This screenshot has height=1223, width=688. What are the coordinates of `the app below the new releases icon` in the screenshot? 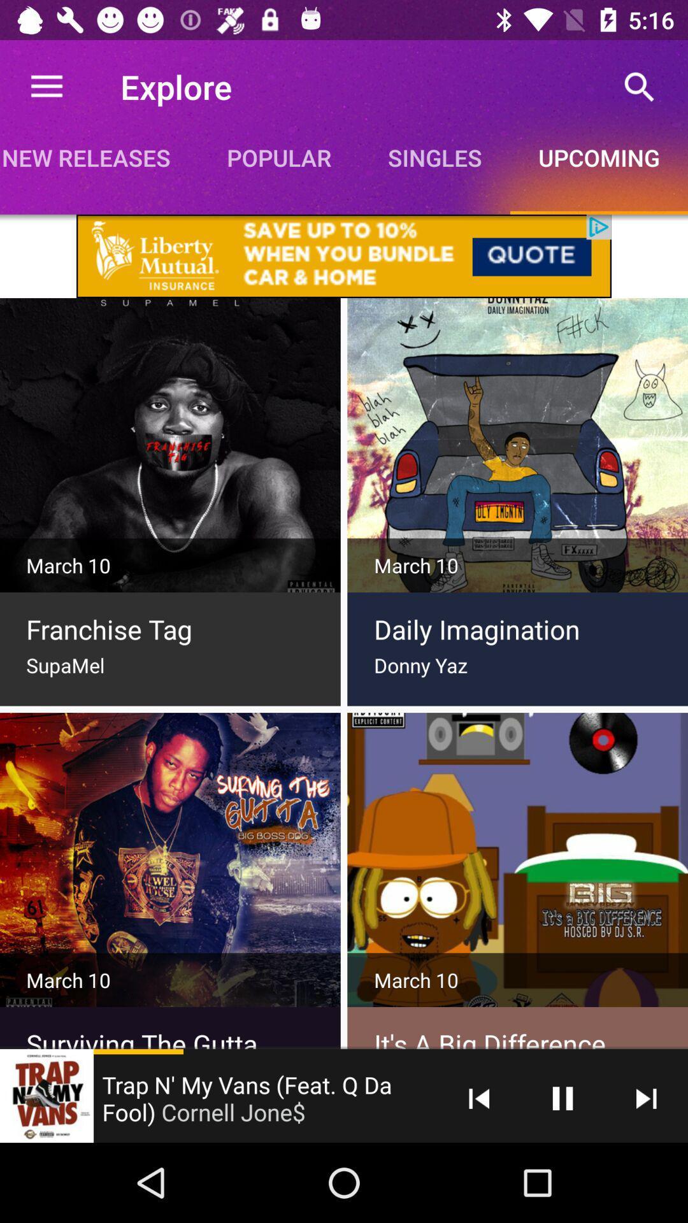 It's located at (344, 255).